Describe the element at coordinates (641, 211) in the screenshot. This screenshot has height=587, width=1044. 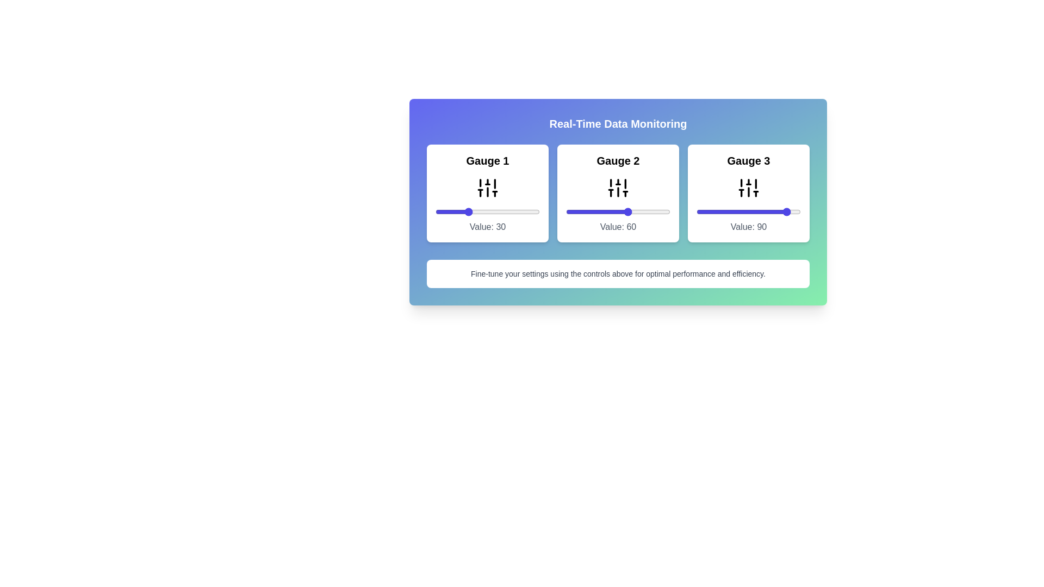
I see `the slider` at that location.